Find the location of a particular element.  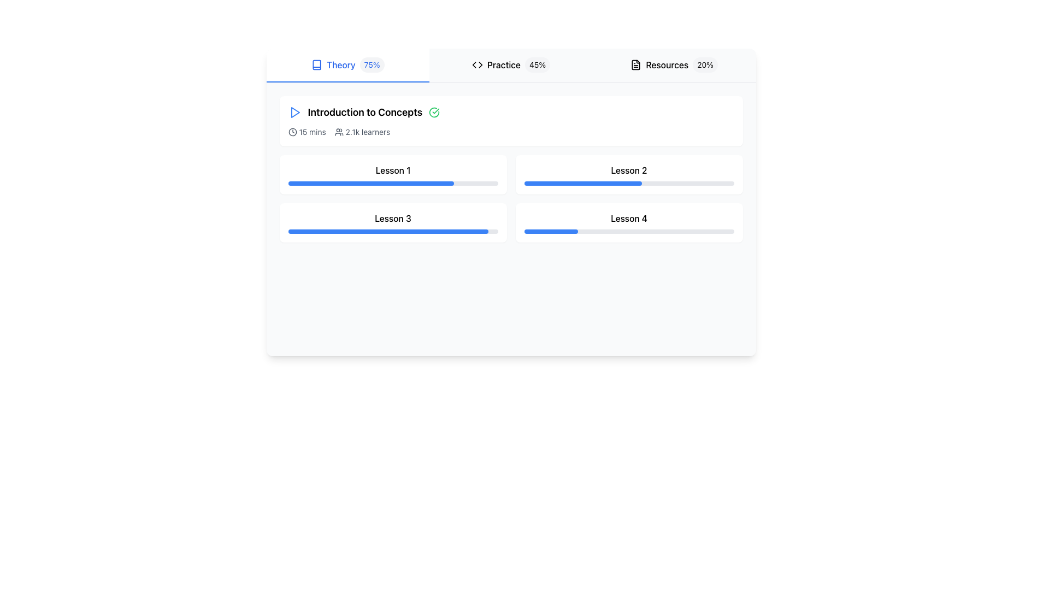

the rectangular badge with rounded edges displaying '45%' in black text, located within the 'Practice' section of the interface is located at coordinates (537, 65).